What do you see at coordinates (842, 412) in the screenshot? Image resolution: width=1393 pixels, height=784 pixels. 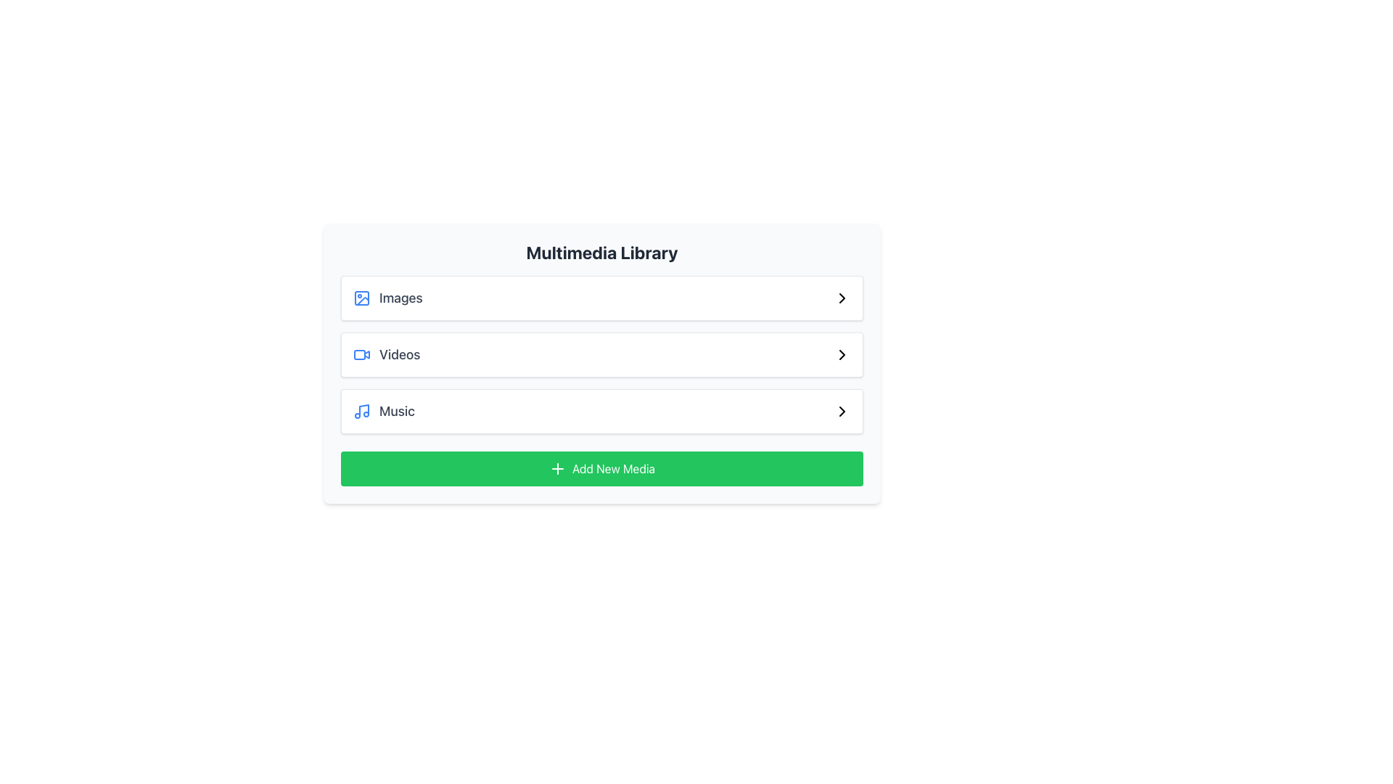 I see `the chevron icon on the far right side of the Music row in the Multimedia Library card layout` at bounding box center [842, 412].